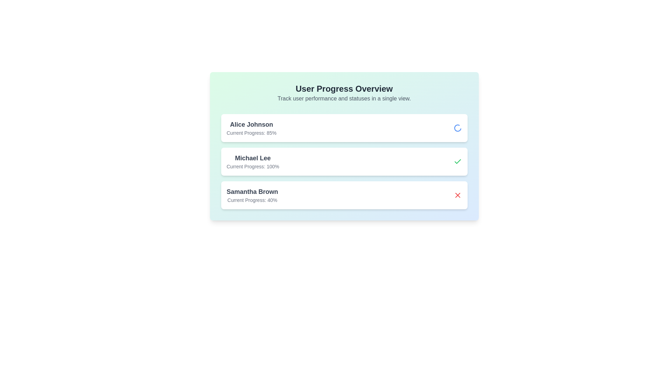  I want to click on the dismiss icon button located at the far right of the card displaying 'Samantha Brown' and 'Current Progress: 40%', so click(457, 195).